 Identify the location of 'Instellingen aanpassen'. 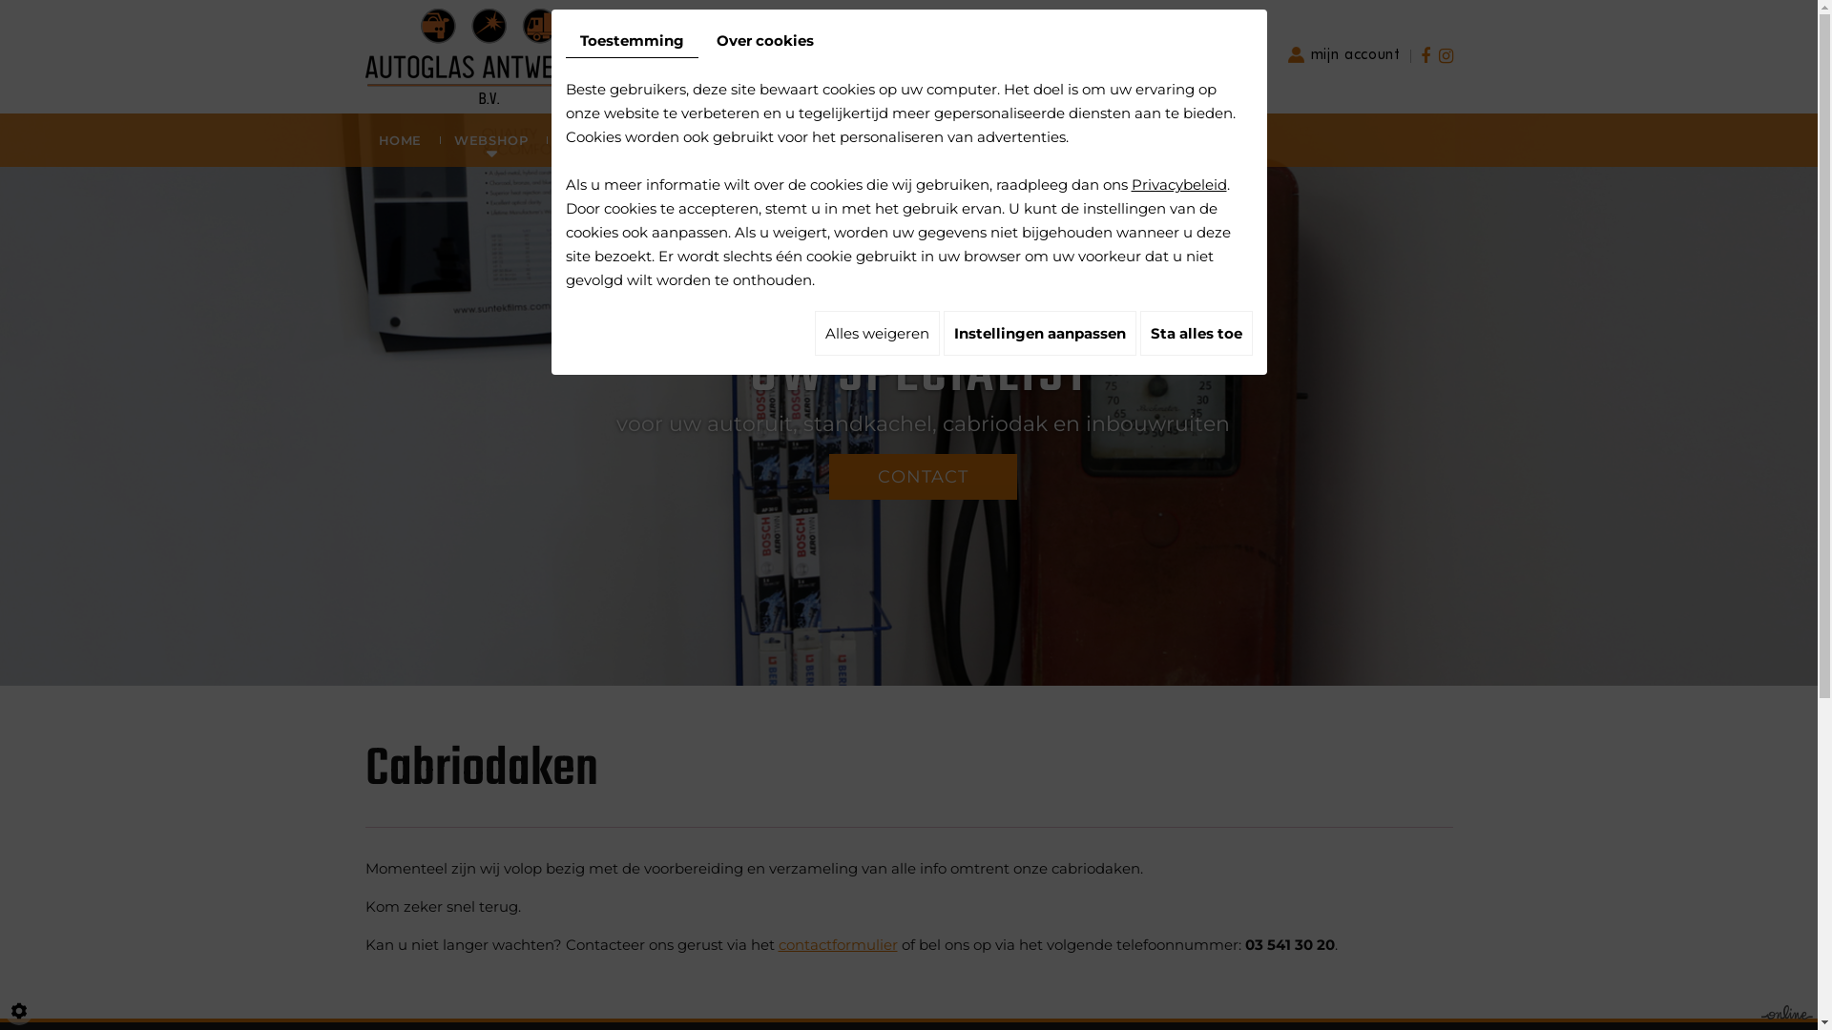
(943, 332).